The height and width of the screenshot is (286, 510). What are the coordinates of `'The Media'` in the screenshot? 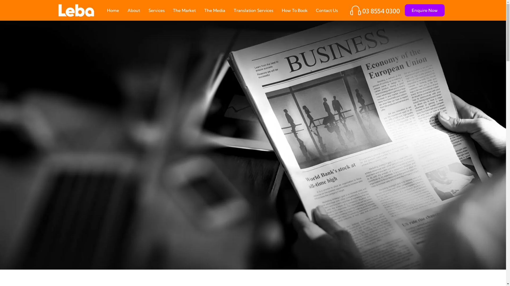 It's located at (215, 10).